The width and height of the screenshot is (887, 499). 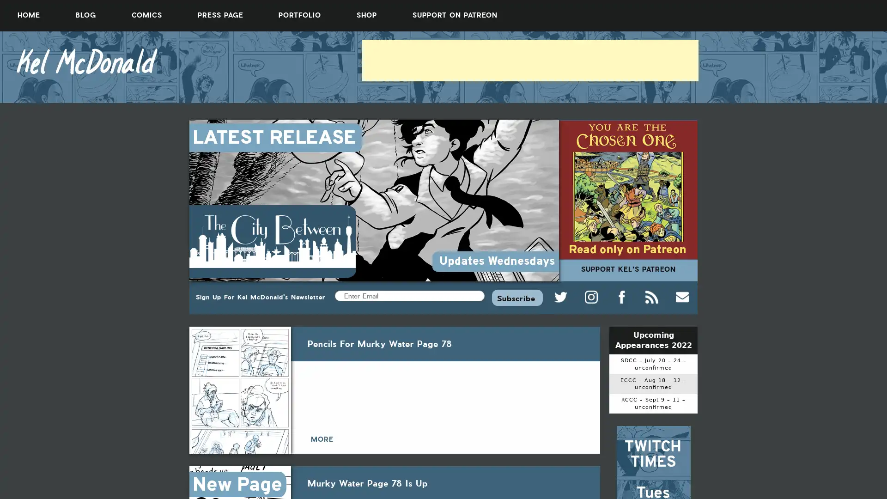 What do you see at coordinates (516, 297) in the screenshot?
I see `Subscribe` at bounding box center [516, 297].